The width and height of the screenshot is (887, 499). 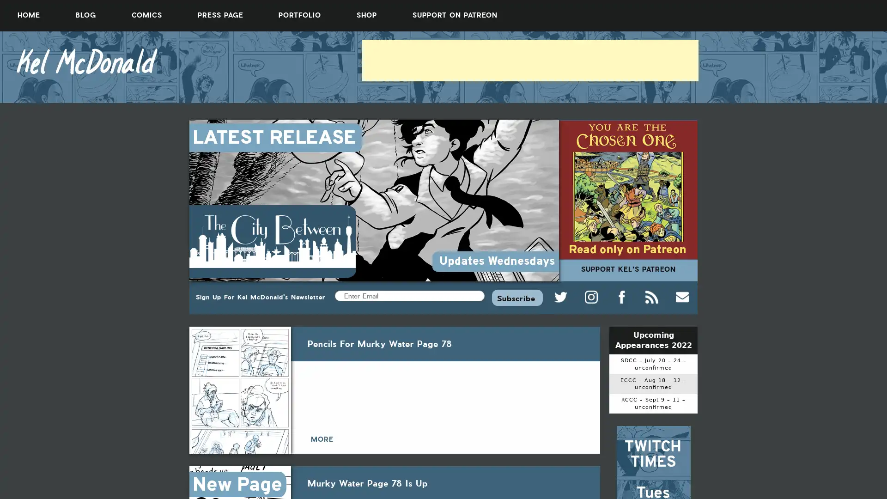 What do you see at coordinates (516, 297) in the screenshot?
I see `Subscribe` at bounding box center [516, 297].